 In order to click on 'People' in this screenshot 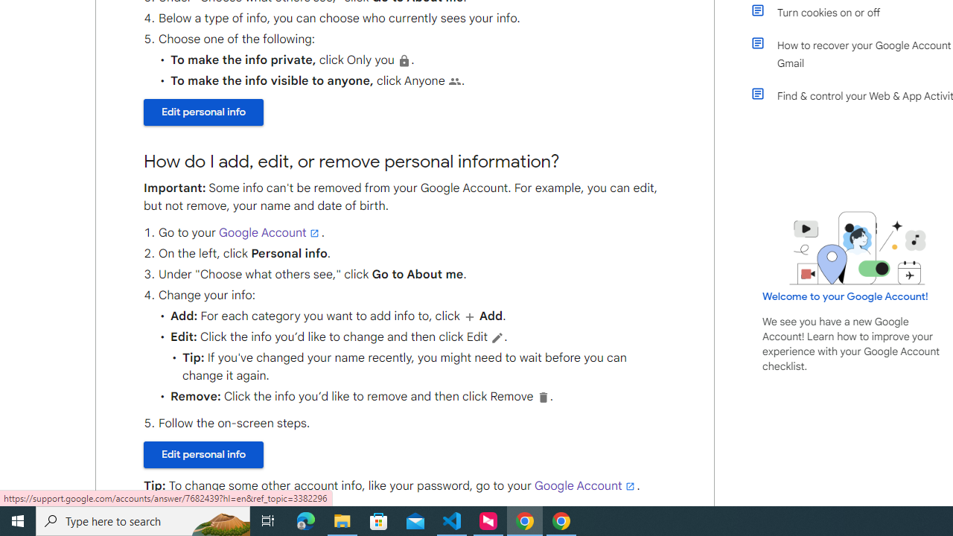, I will do `click(453, 81)`.